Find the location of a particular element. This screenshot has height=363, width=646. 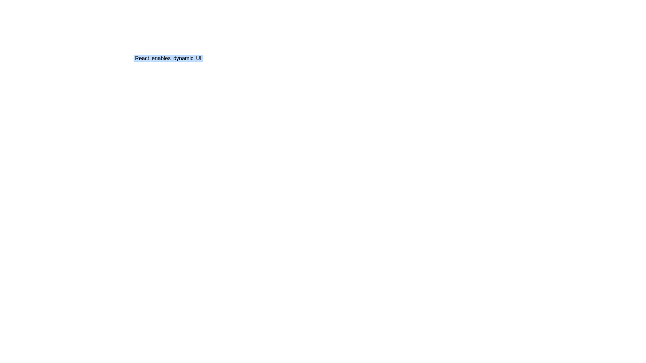

the Label element displaying the text 'React', which has a light blue background and rounded corners, located at the leftmost position among its siblings is located at coordinates (142, 58).